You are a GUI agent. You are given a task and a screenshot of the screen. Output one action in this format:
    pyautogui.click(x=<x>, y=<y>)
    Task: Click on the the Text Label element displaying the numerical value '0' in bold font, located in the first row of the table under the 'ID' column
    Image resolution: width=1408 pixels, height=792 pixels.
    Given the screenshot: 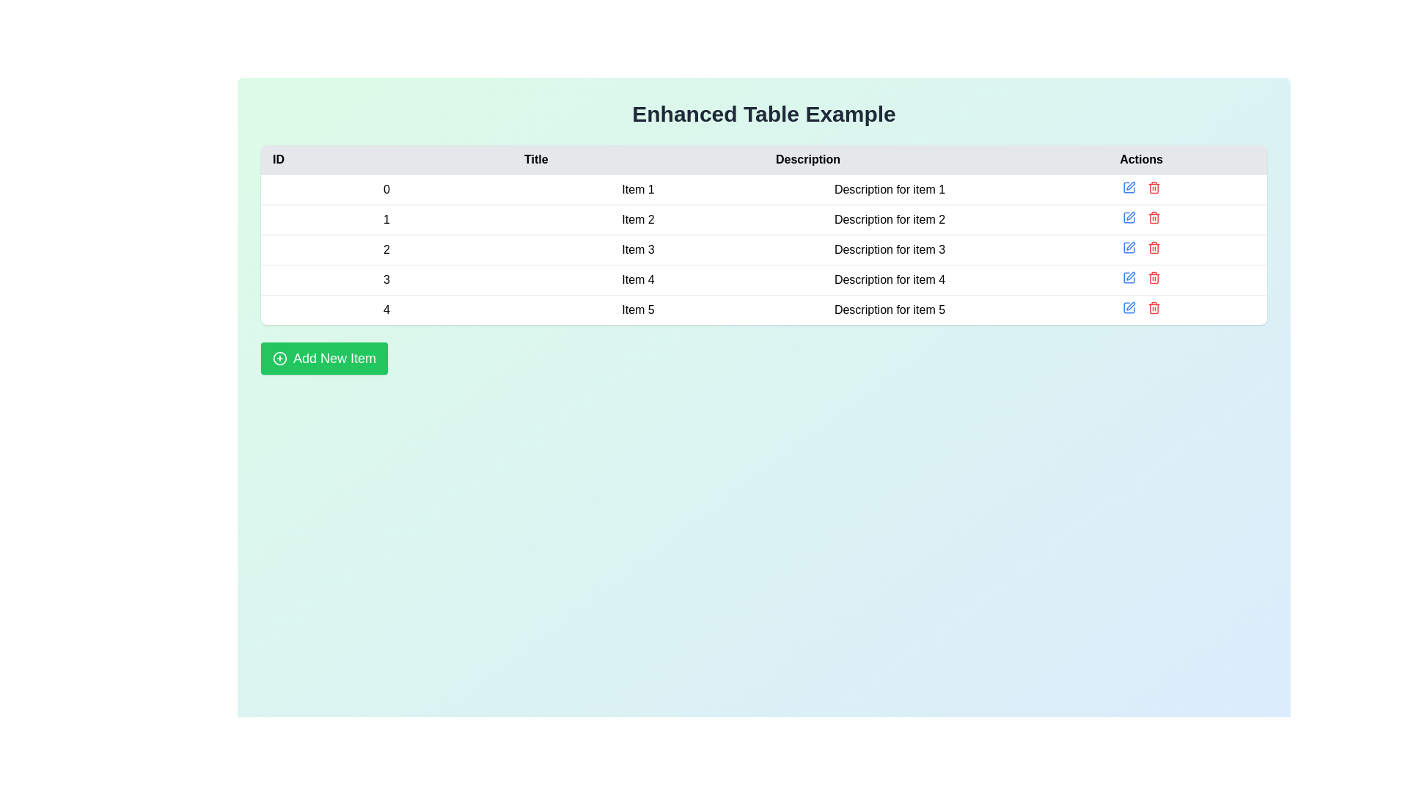 What is the action you would take?
    pyautogui.click(x=386, y=188)
    